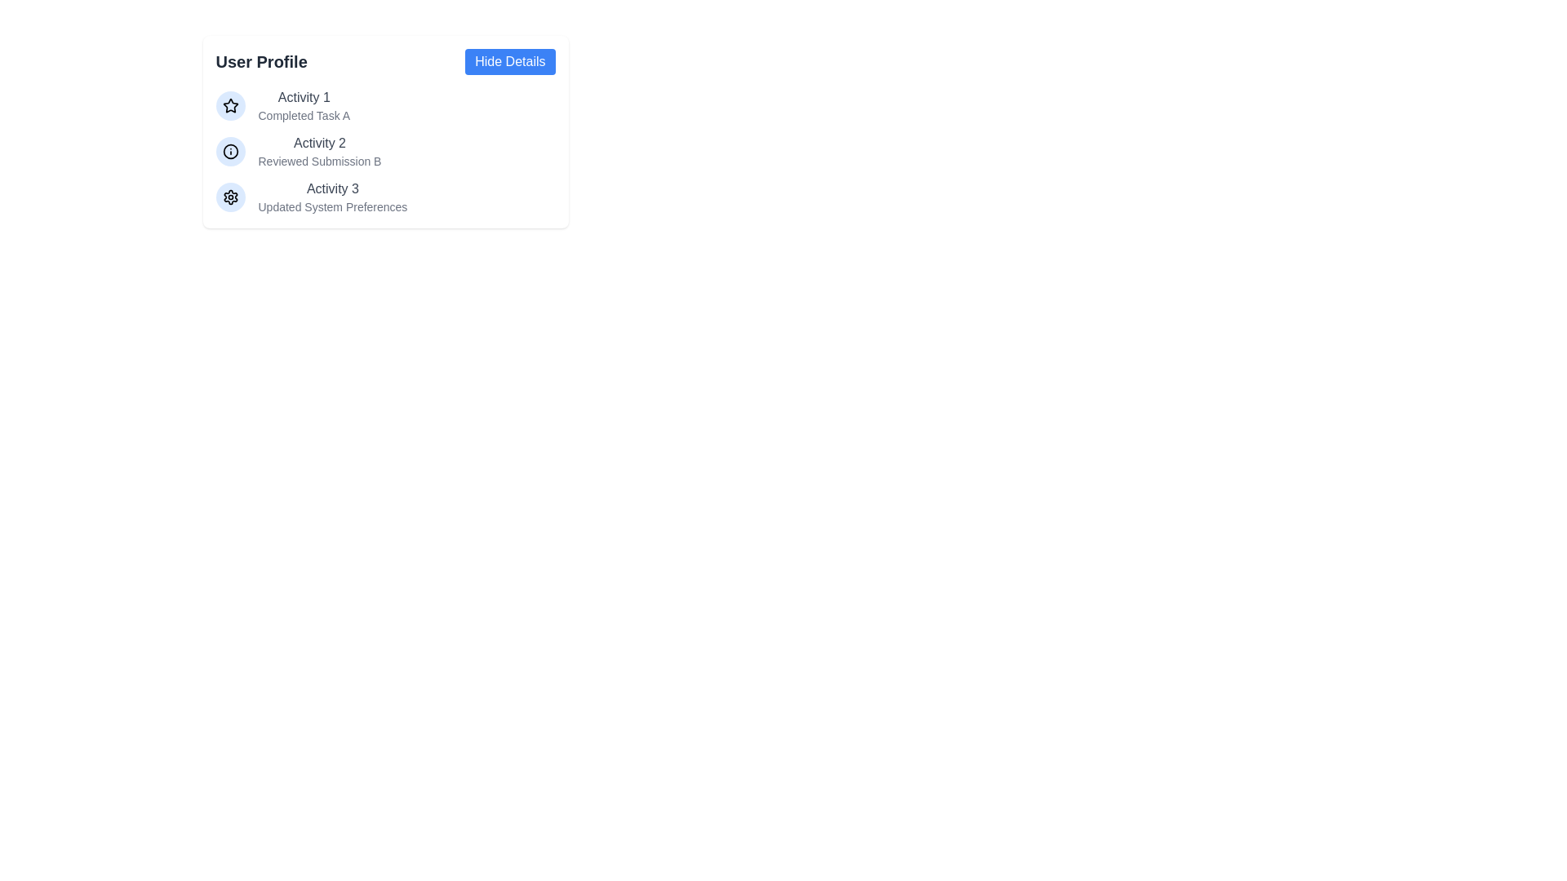  I want to click on the first entry, so click(384, 106).